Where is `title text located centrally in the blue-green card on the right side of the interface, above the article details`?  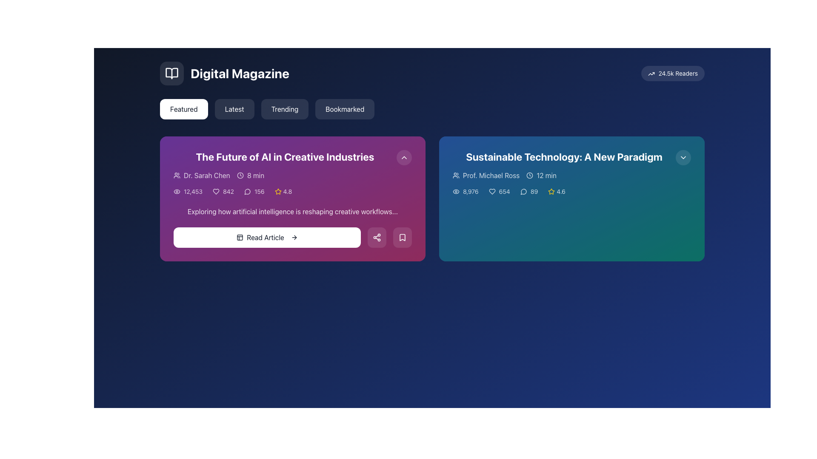 title text located centrally in the blue-green card on the right side of the interface, above the article details is located at coordinates (564, 157).